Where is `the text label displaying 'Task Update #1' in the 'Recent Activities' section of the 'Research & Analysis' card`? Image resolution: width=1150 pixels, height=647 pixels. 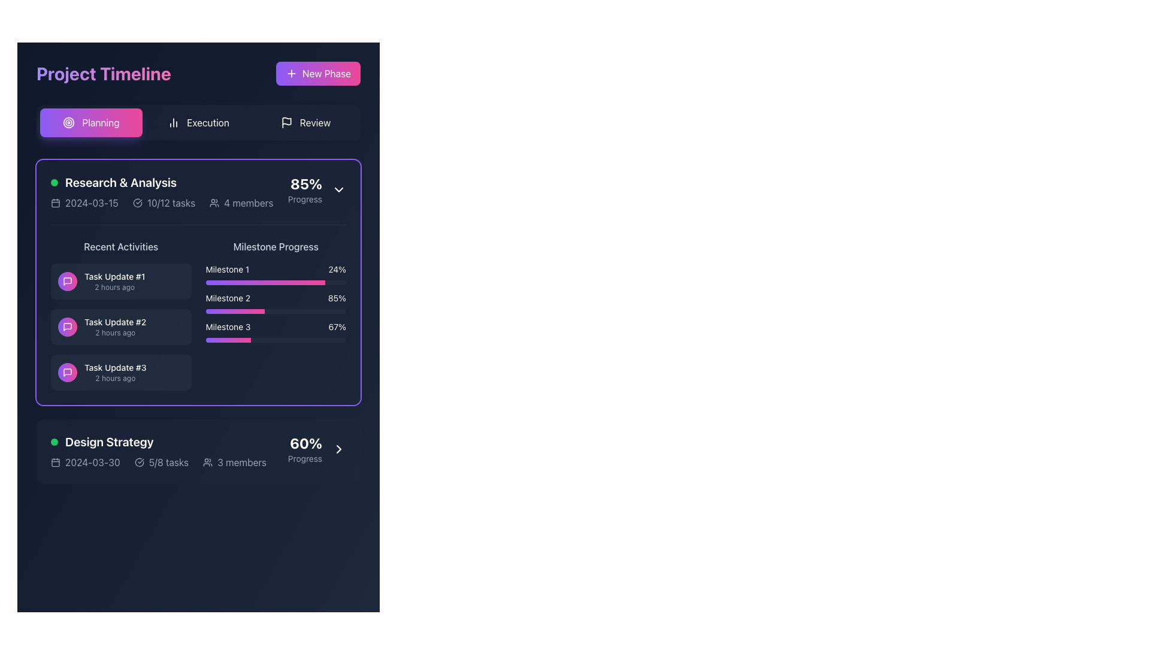 the text label displaying 'Task Update #1' in the 'Recent Activities' section of the 'Research & Analysis' card is located at coordinates (114, 277).